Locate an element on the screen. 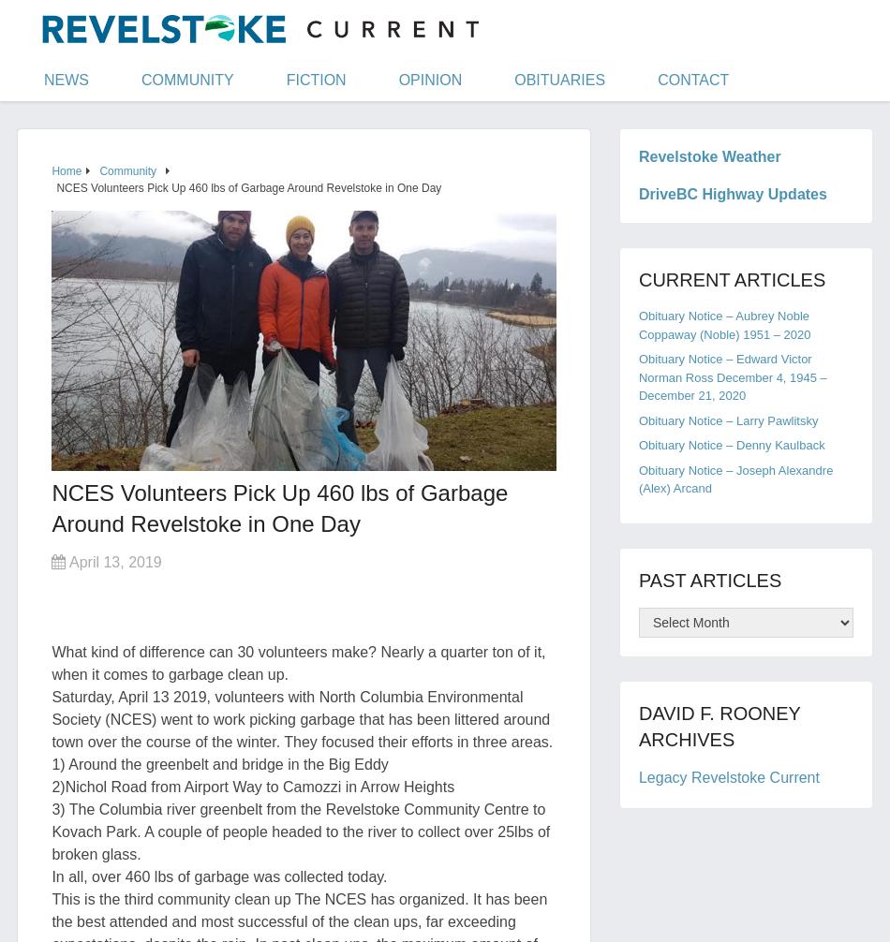 The width and height of the screenshot is (890, 942). 'Home' is located at coordinates (66, 170).